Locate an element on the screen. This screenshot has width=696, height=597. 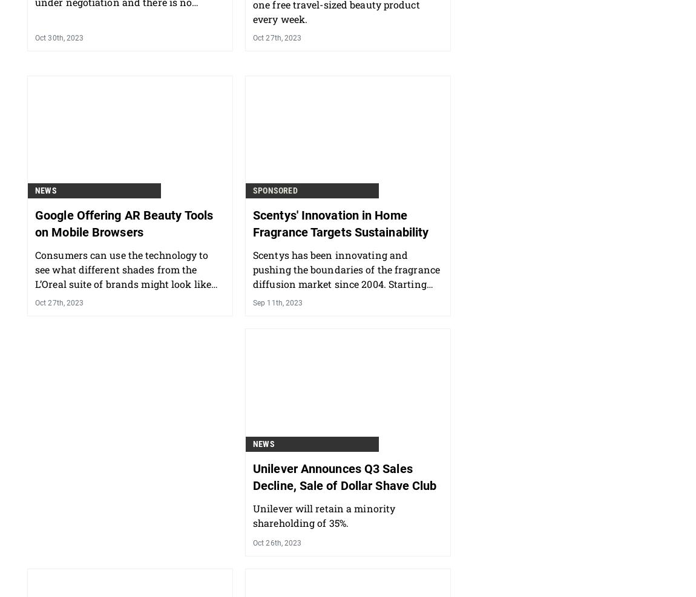
'Unilever will retain a minority shareholding of 35%.' is located at coordinates (324, 578).